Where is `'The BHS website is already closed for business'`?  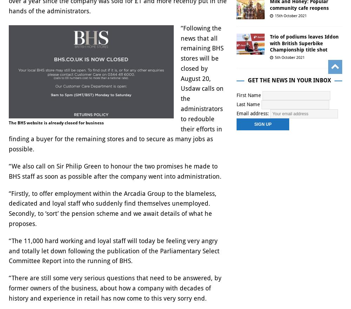
'The BHS website is already closed for business' is located at coordinates (56, 122).